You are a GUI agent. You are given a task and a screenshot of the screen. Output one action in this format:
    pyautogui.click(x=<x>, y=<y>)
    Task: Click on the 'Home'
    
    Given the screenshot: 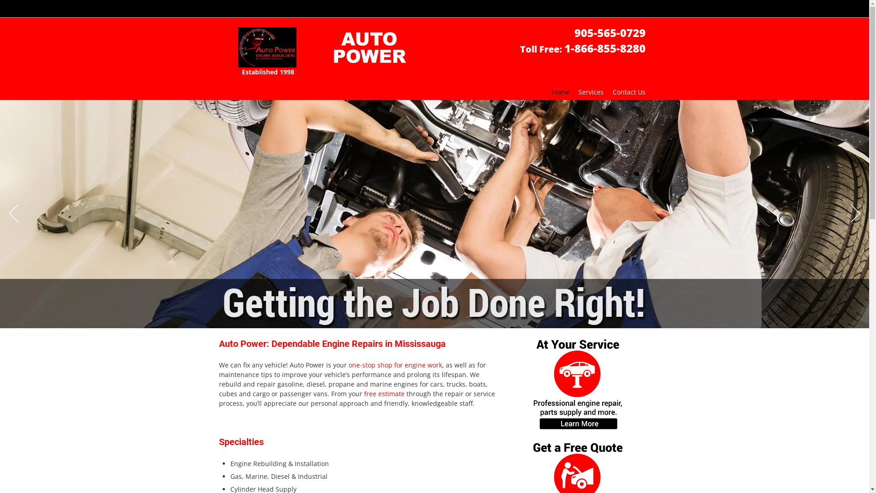 What is the action you would take?
    pyautogui.click(x=547, y=92)
    